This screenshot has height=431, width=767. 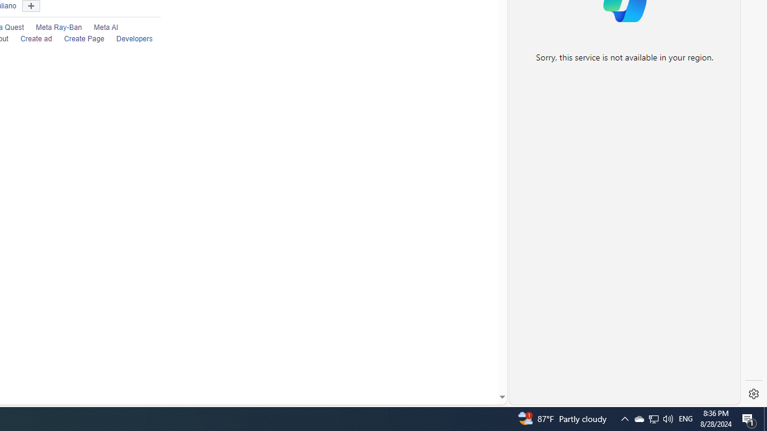 What do you see at coordinates (128, 39) in the screenshot?
I see `'Developers'` at bounding box center [128, 39].